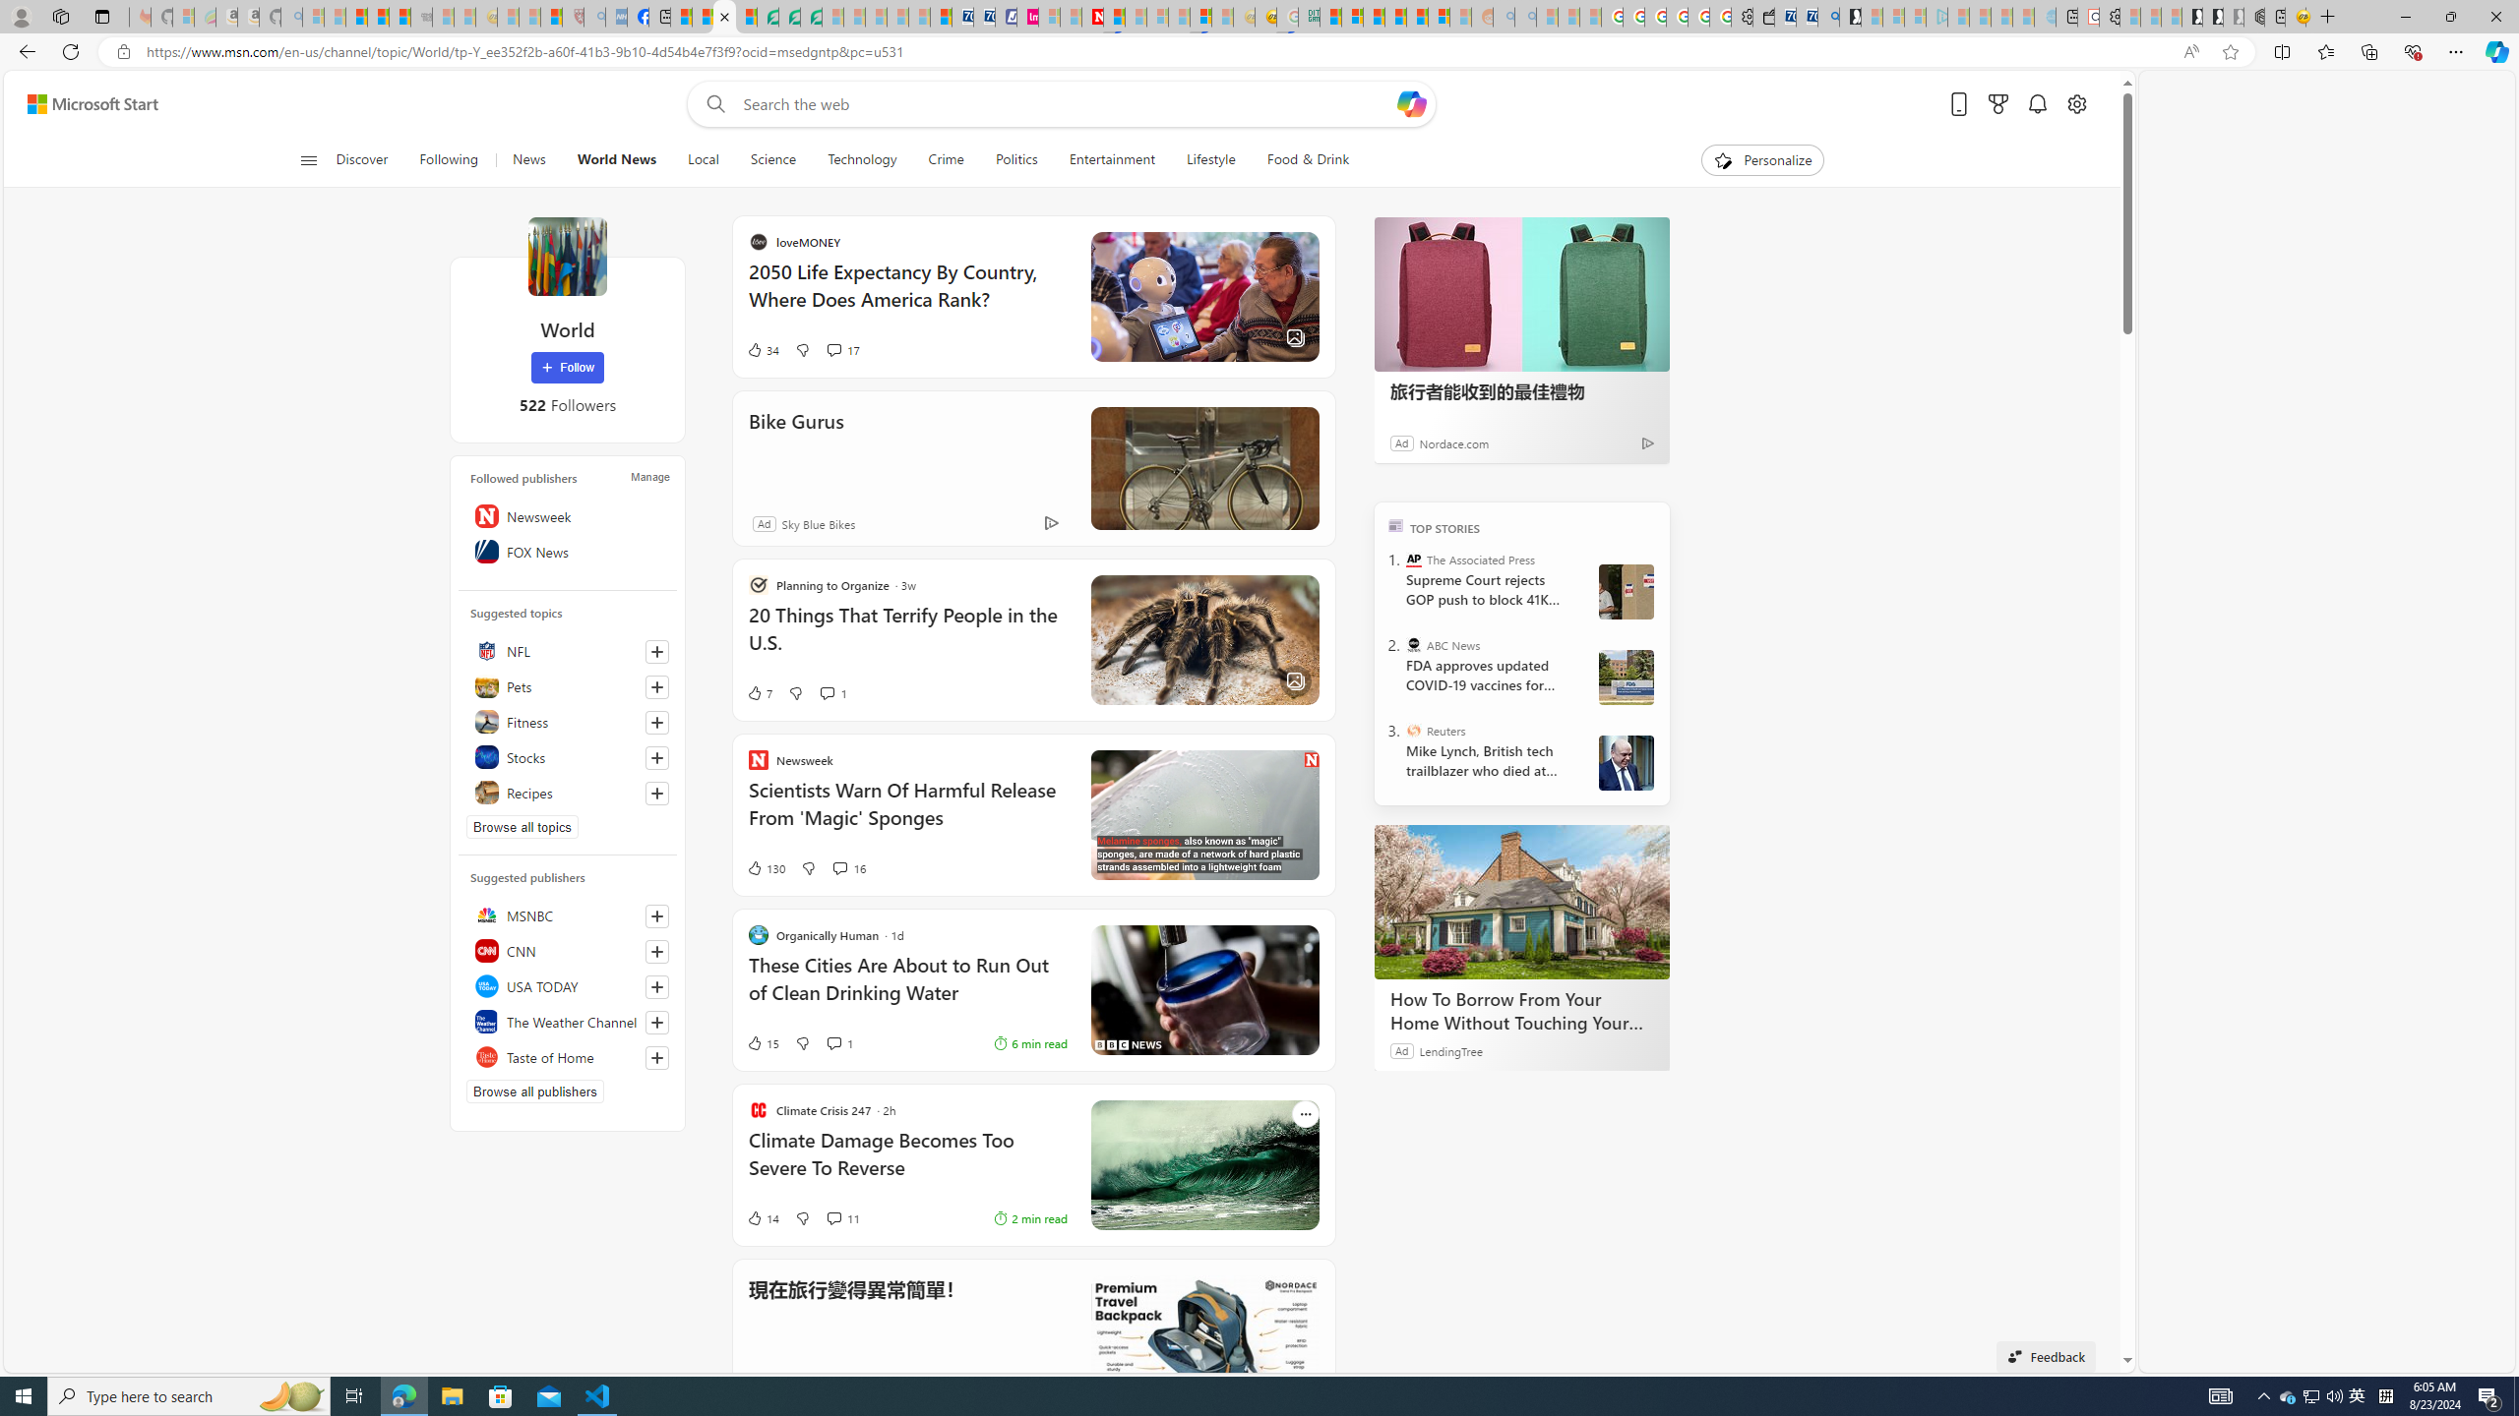  What do you see at coordinates (1412, 643) in the screenshot?
I see `'ABC News'` at bounding box center [1412, 643].